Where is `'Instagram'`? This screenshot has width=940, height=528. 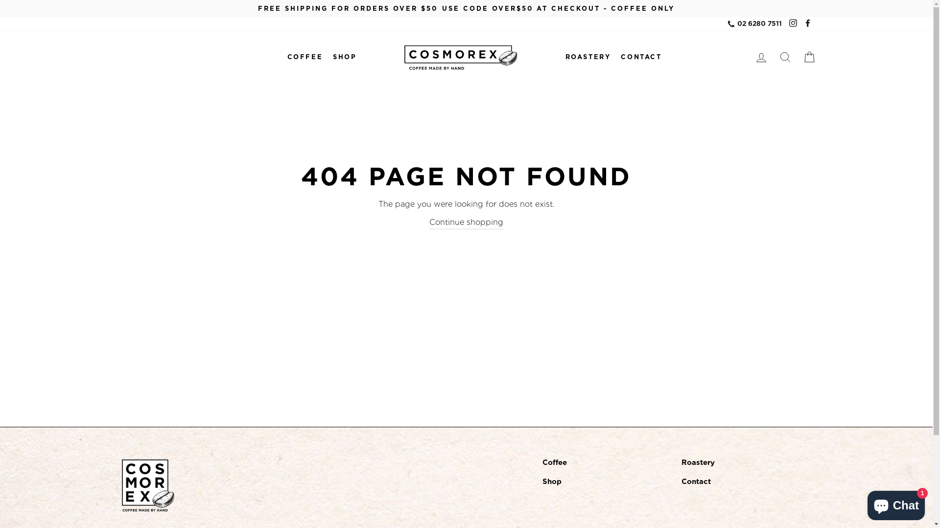 'Instagram' is located at coordinates (792, 22).